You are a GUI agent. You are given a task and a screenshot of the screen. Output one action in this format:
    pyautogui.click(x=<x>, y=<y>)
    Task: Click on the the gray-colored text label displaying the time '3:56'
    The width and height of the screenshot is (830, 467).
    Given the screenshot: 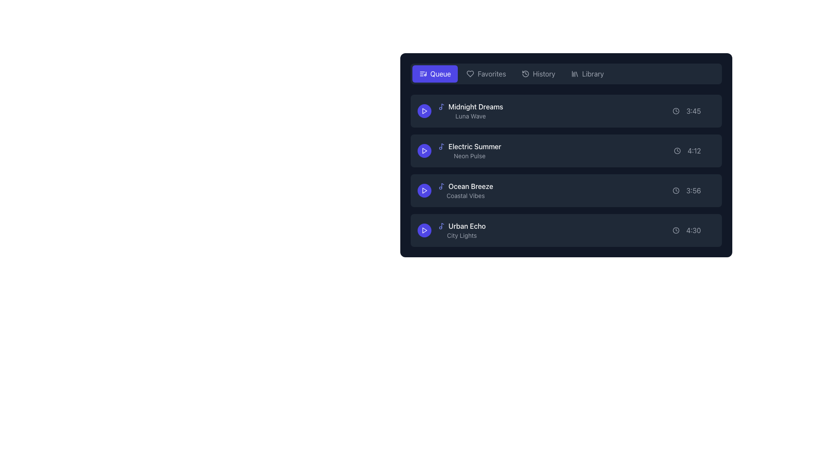 What is the action you would take?
    pyautogui.click(x=693, y=190)
    